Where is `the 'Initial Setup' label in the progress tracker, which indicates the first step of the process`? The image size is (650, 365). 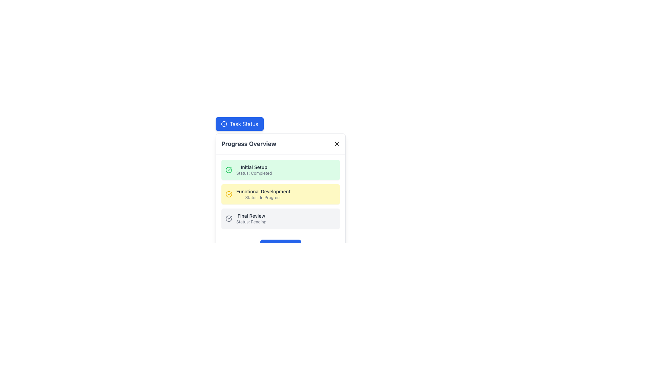
the 'Initial Setup' label in the progress tracker, which indicates the first step of the process is located at coordinates (254, 167).